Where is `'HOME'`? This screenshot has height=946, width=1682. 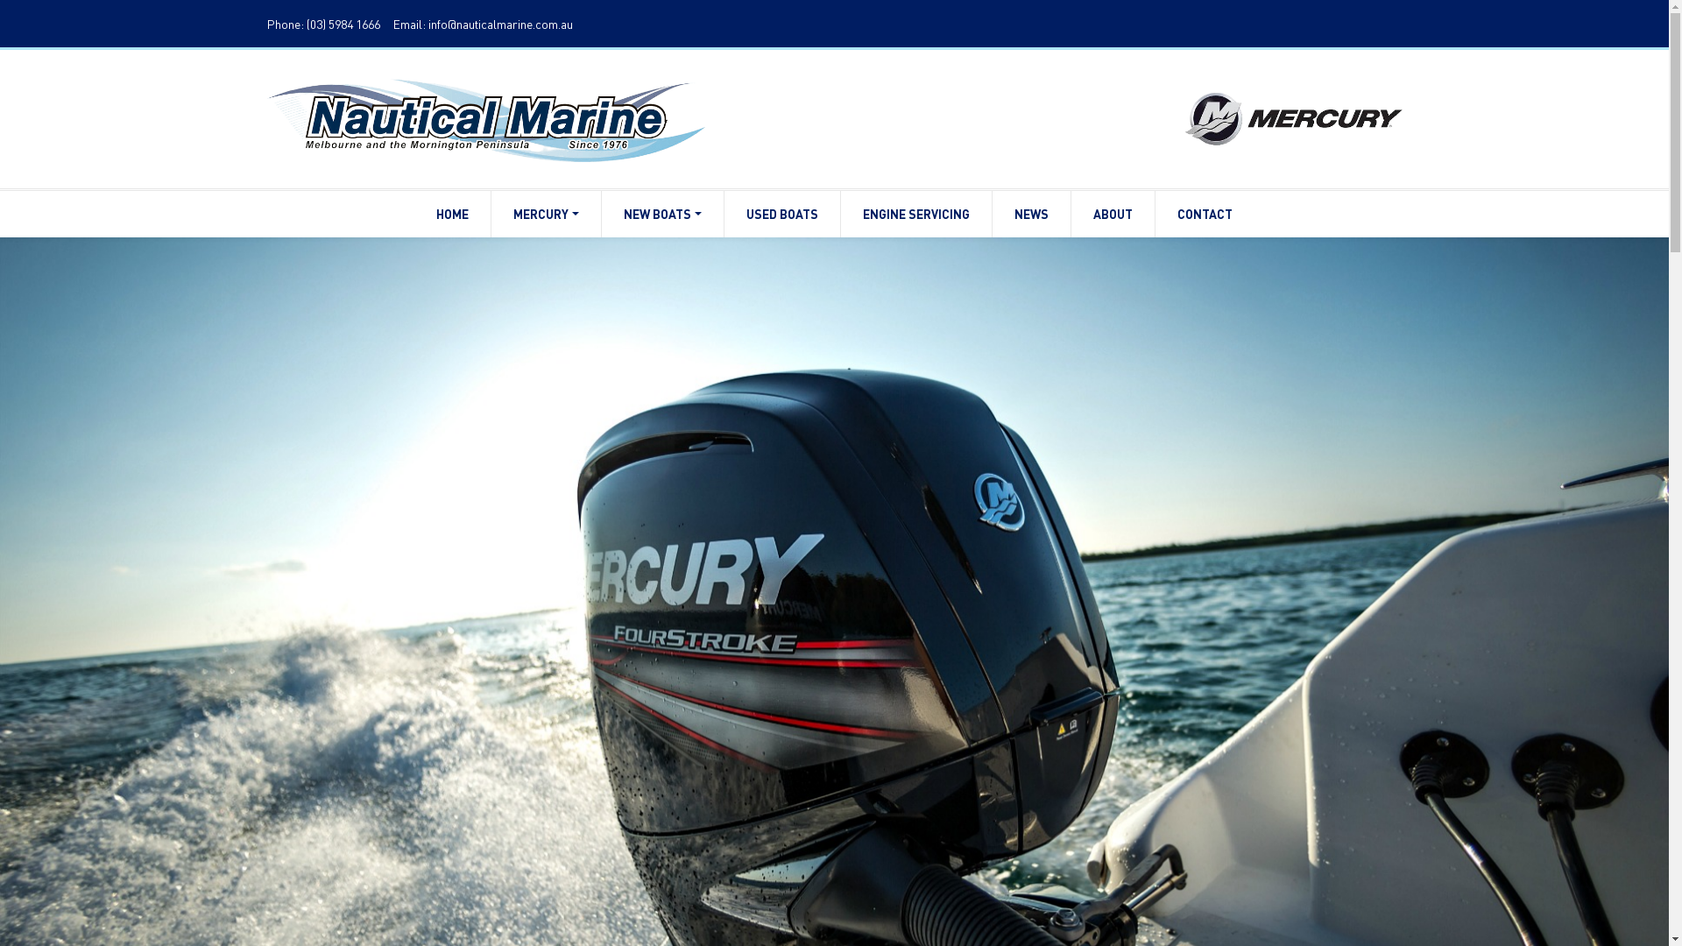 'HOME' is located at coordinates (452, 213).